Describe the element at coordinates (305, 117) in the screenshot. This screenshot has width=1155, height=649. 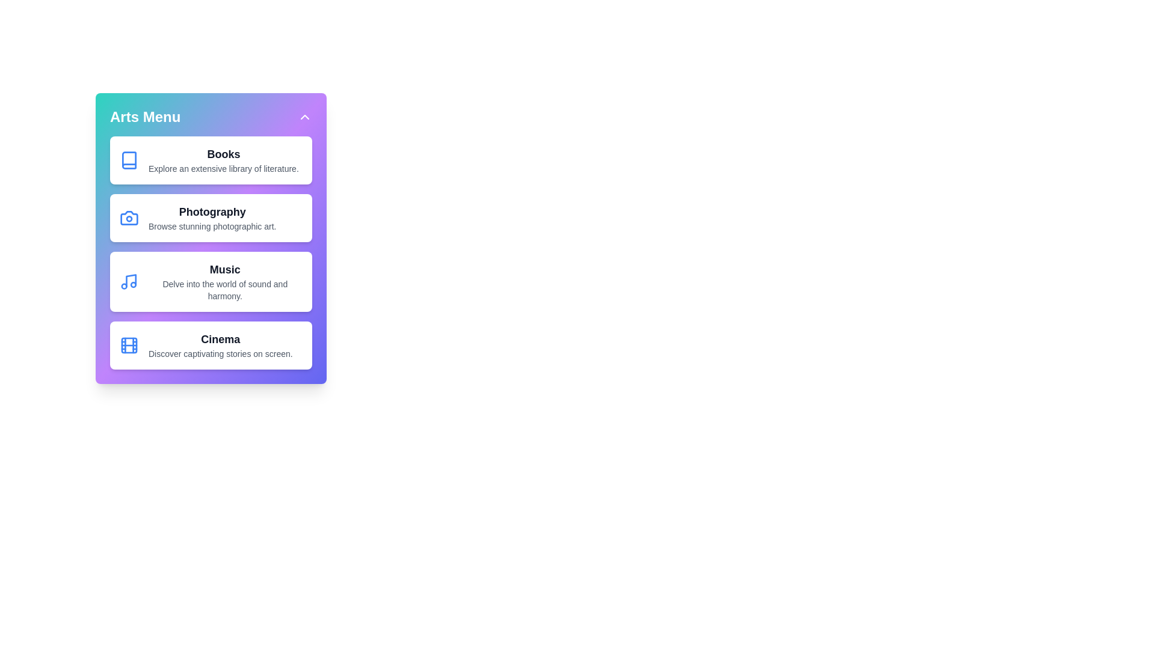
I see `toggle button to expand or collapse the menu` at that location.